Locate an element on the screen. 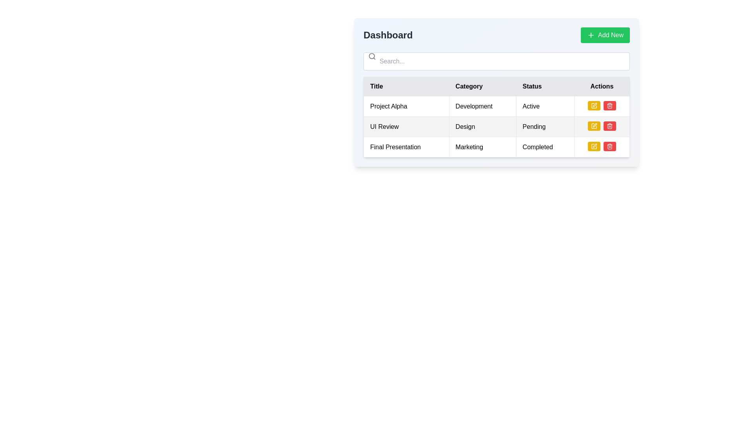 The image size is (753, 423). the text label displaying 'Completed' in the 'Status' column of the table, which aligns with the 'Final Presentation' row is located at coordinates (545, 147).